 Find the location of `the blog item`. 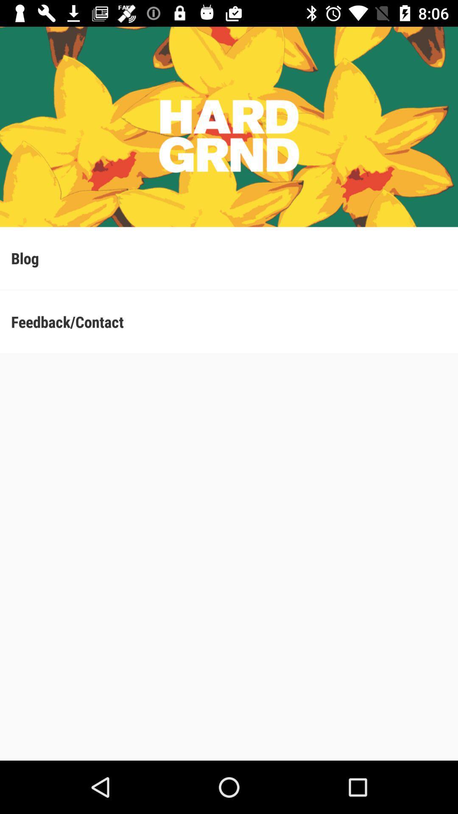

the blog item is located at coordinates (229, 258).